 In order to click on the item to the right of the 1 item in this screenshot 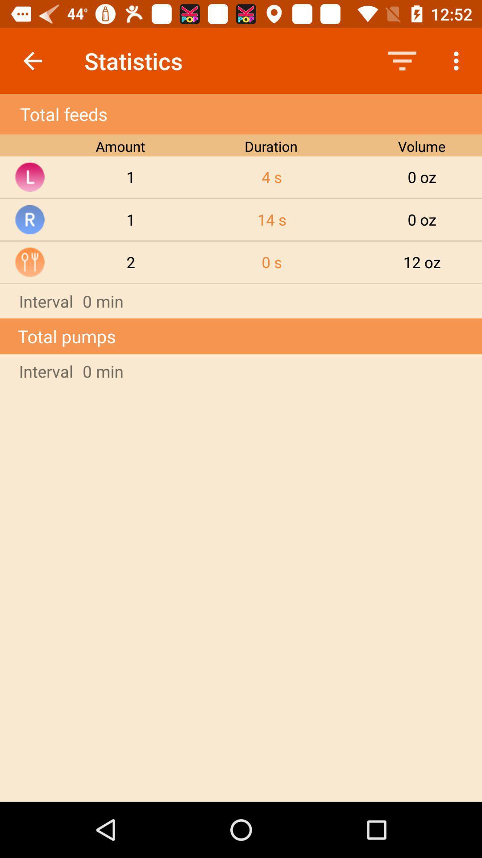, I will do `click(271, 219)`.